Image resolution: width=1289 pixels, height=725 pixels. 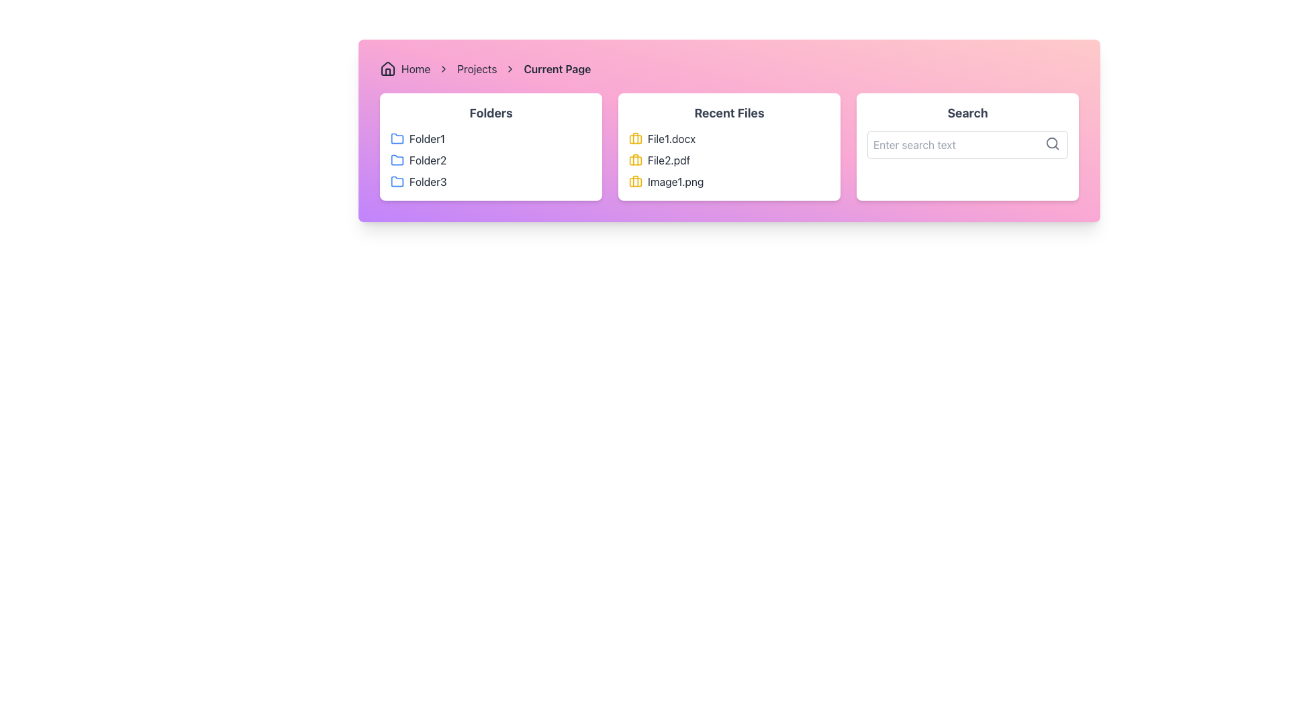 What do you see at coordinates (404, 69) in the screenshot?
I see `the first breadcrumb link with an icon that redirects to the home page` at bounding box center [404, 69].